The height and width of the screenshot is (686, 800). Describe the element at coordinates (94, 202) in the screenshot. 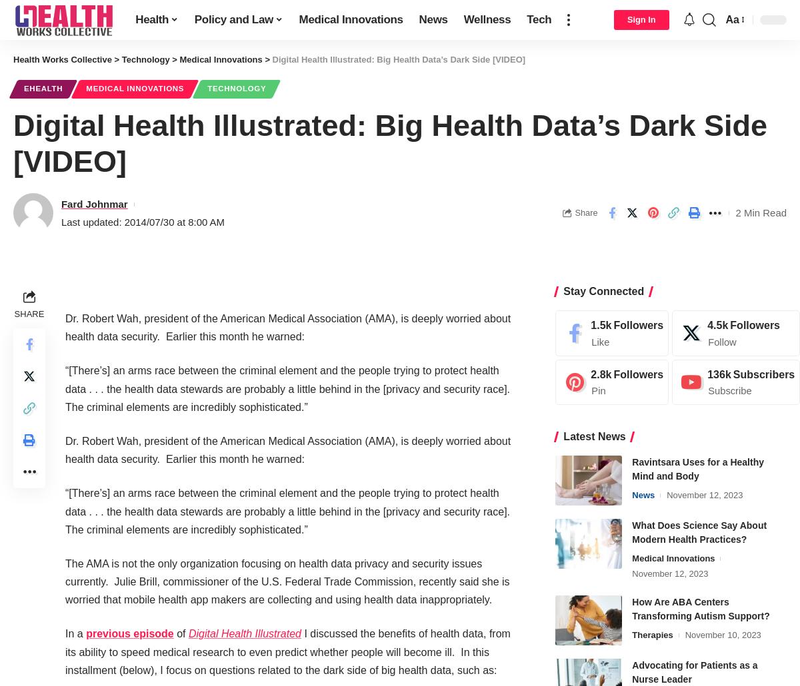

I see `'Fard Johnmar'` at that location.